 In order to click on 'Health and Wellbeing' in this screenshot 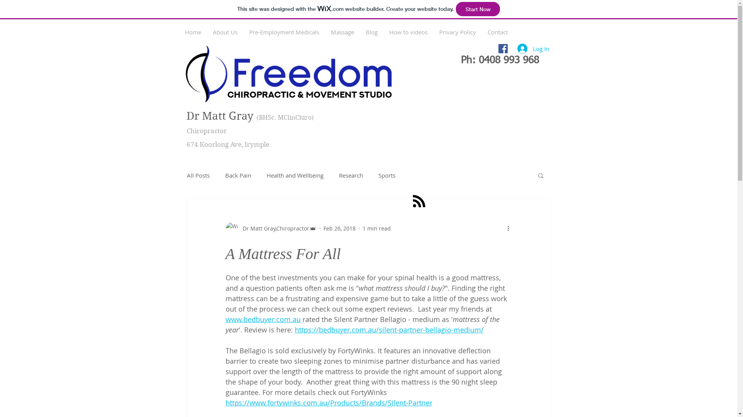, I will do `click(294, 175)`.